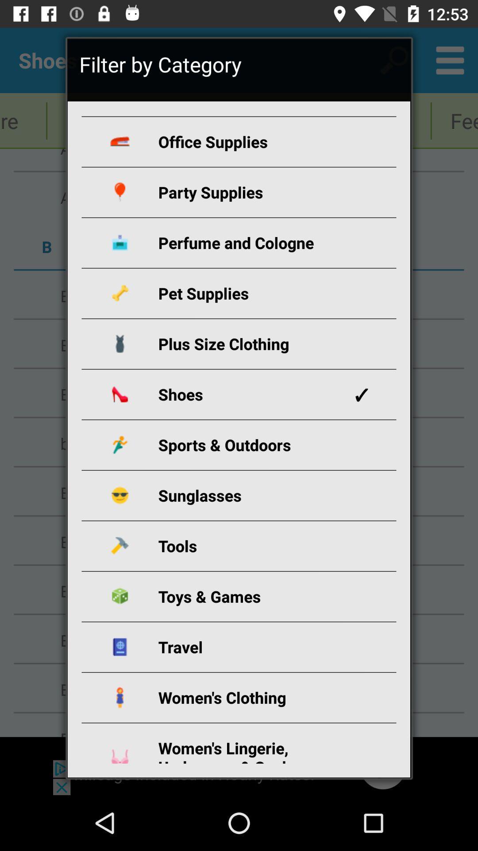 This screenshot has width=478, height=851. Describe the element at coordinates (249, 596) in the screenshot. I see `icon above travel` at that location.